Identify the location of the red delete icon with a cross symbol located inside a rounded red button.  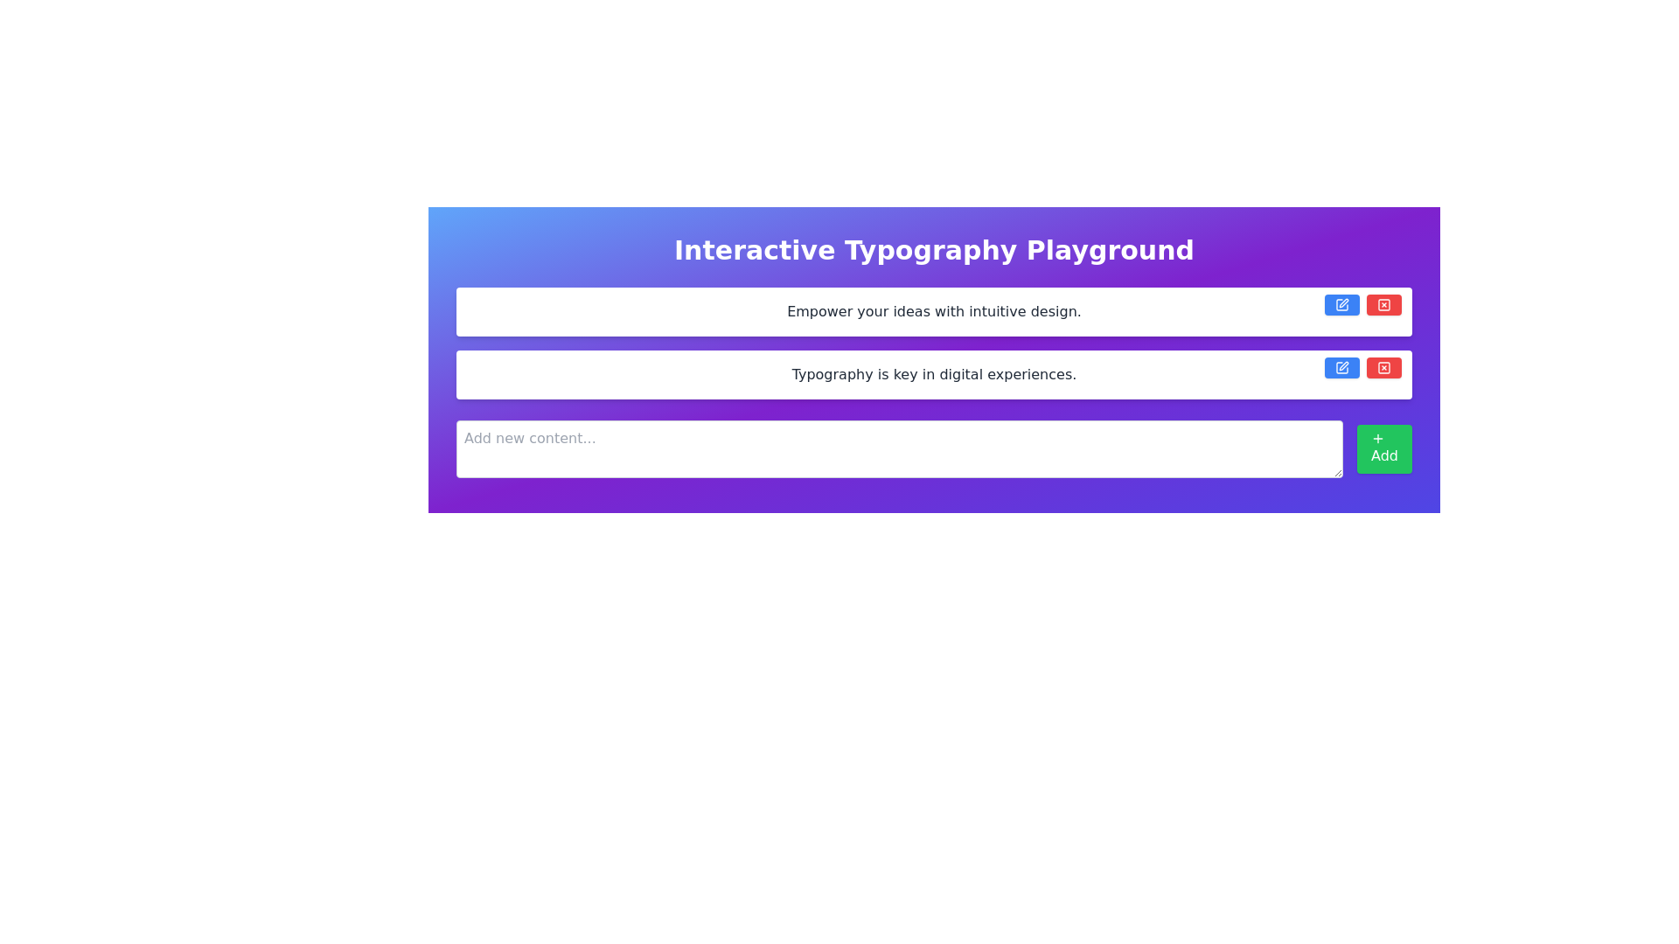
(1383, 303).